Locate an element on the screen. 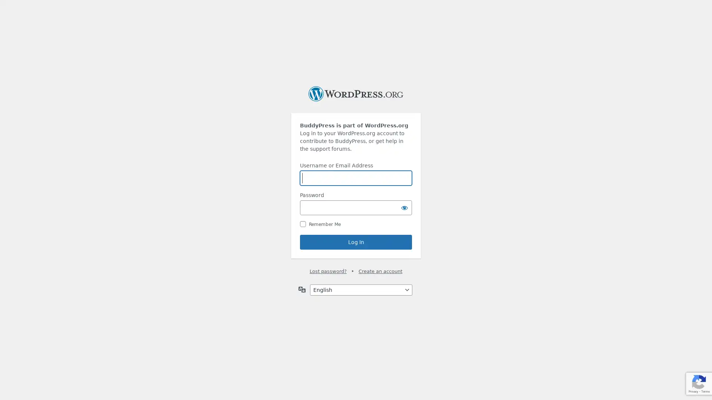  Log In is located at coordinates (356, 242).